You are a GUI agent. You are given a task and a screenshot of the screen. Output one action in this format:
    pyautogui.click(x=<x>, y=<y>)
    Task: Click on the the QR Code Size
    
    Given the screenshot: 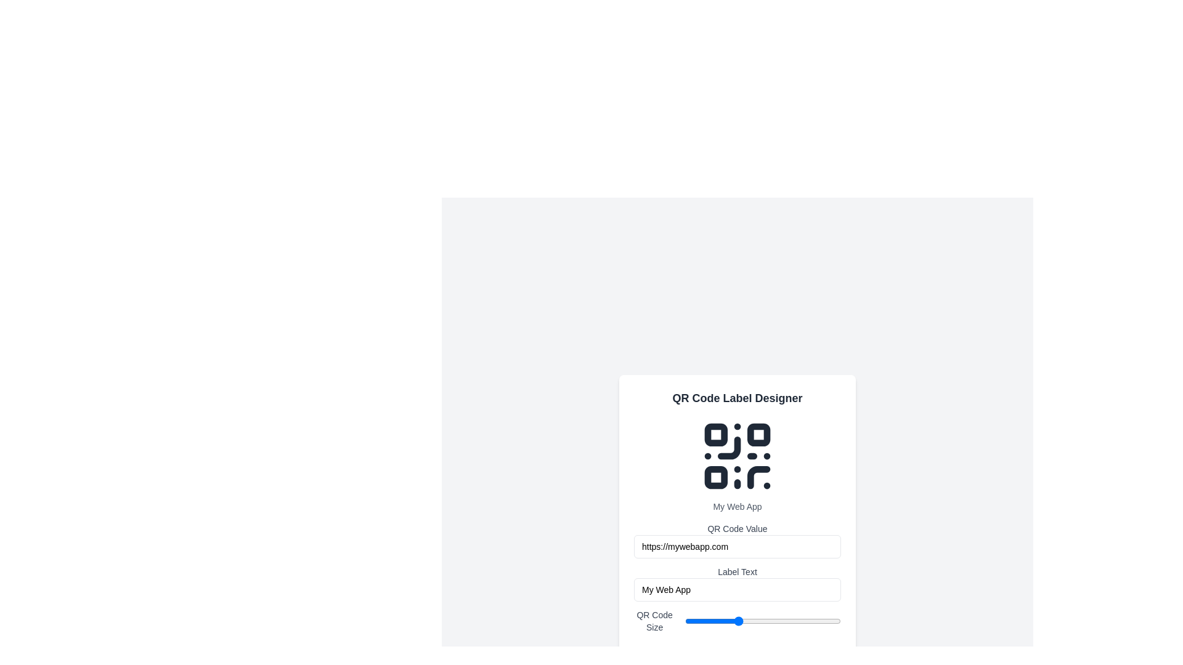 What is the action you would take?
    pyautogui.click(x=720, y=621)
    